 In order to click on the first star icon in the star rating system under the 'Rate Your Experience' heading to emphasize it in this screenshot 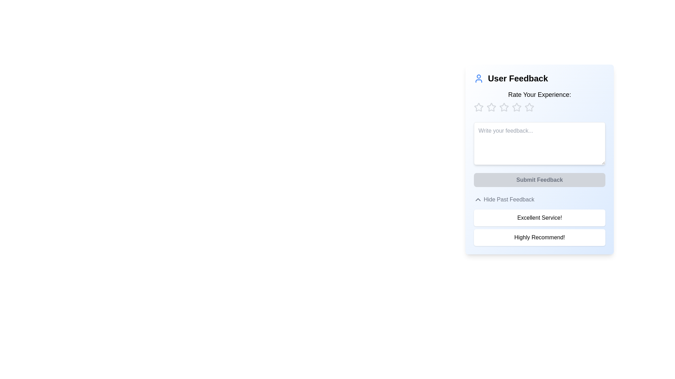, I will do `click(491, 107)`.